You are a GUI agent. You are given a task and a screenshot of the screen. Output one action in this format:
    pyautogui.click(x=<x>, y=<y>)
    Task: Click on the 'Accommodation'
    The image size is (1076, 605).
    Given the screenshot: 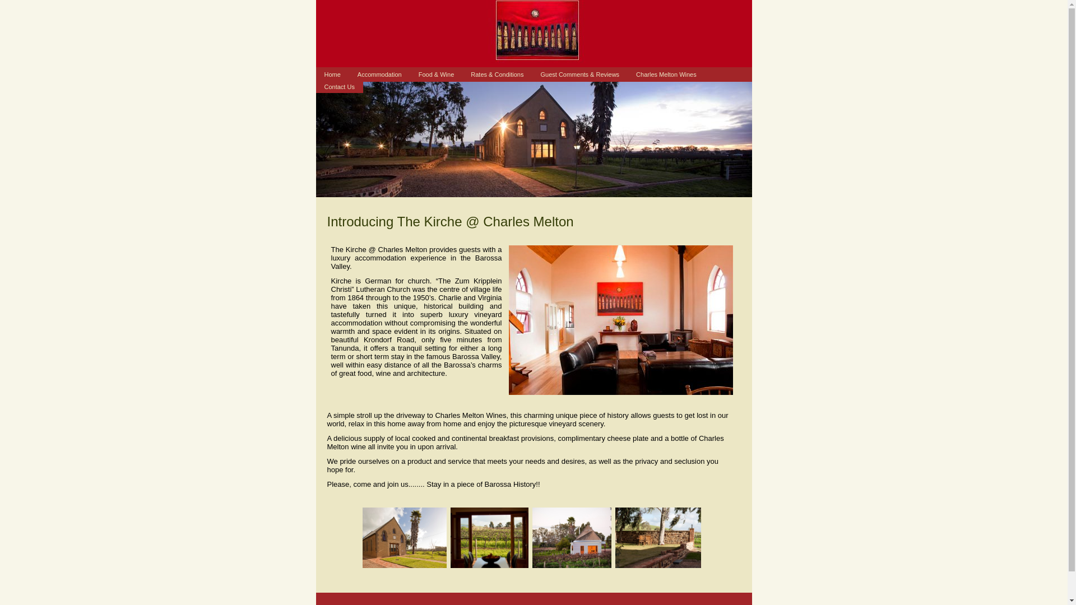 What is the action you would take?
    pyautogui.click(x=349, y=74)
    